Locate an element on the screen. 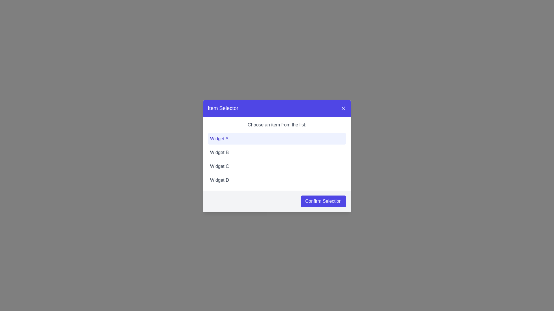 Image resolution: width=554 pixels, height=311 pixels. the button is located at coordinates (277, 139).